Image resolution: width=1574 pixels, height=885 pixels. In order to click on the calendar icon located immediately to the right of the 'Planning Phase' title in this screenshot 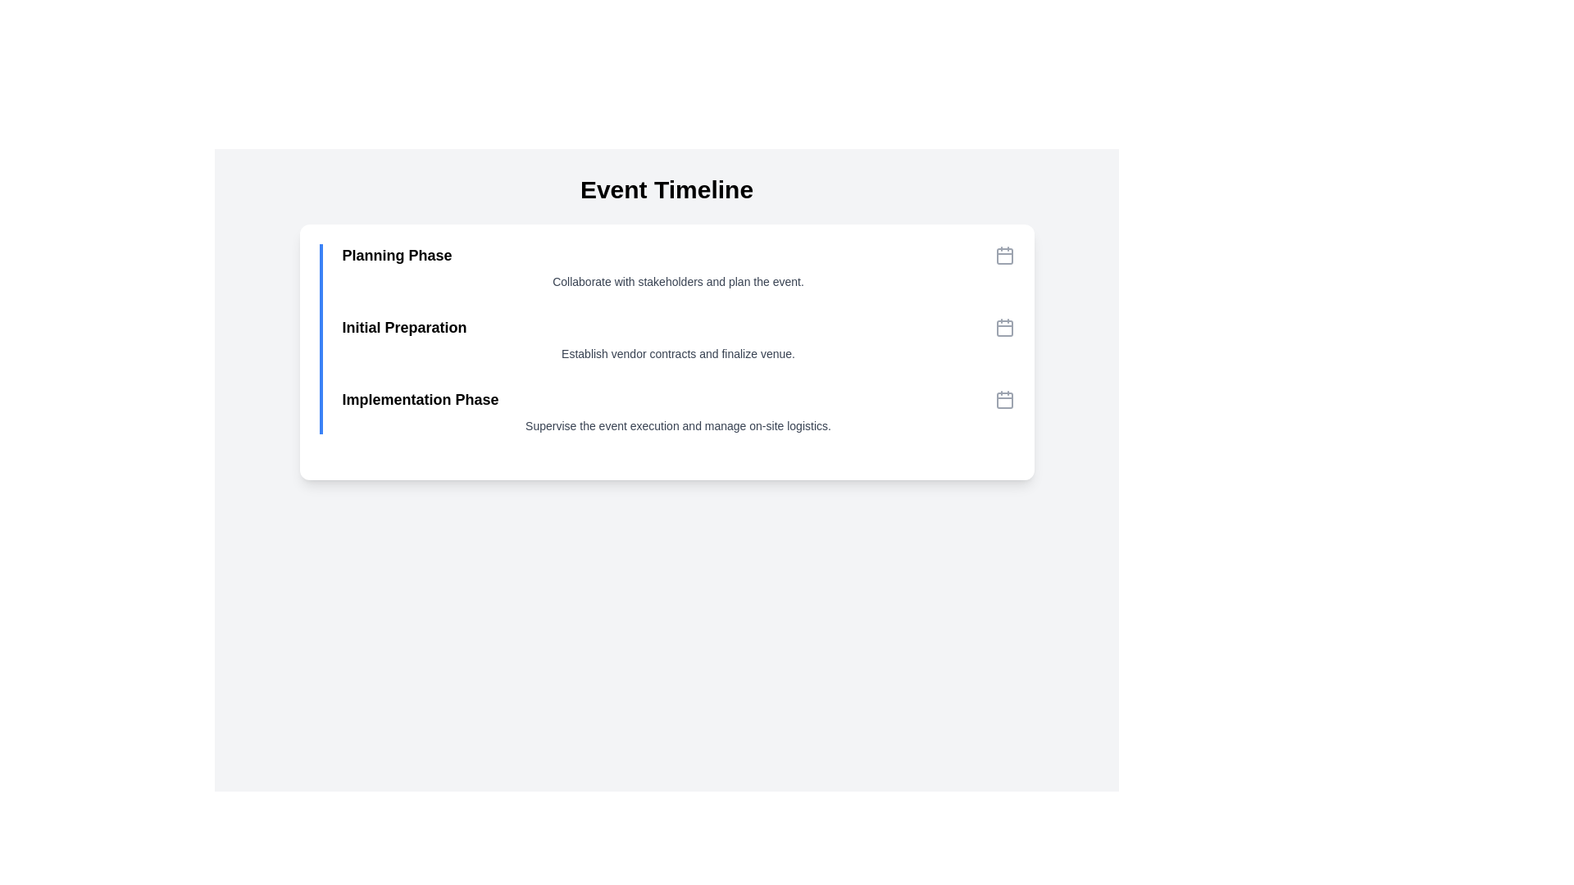, I will do `click(1003, 256)`.